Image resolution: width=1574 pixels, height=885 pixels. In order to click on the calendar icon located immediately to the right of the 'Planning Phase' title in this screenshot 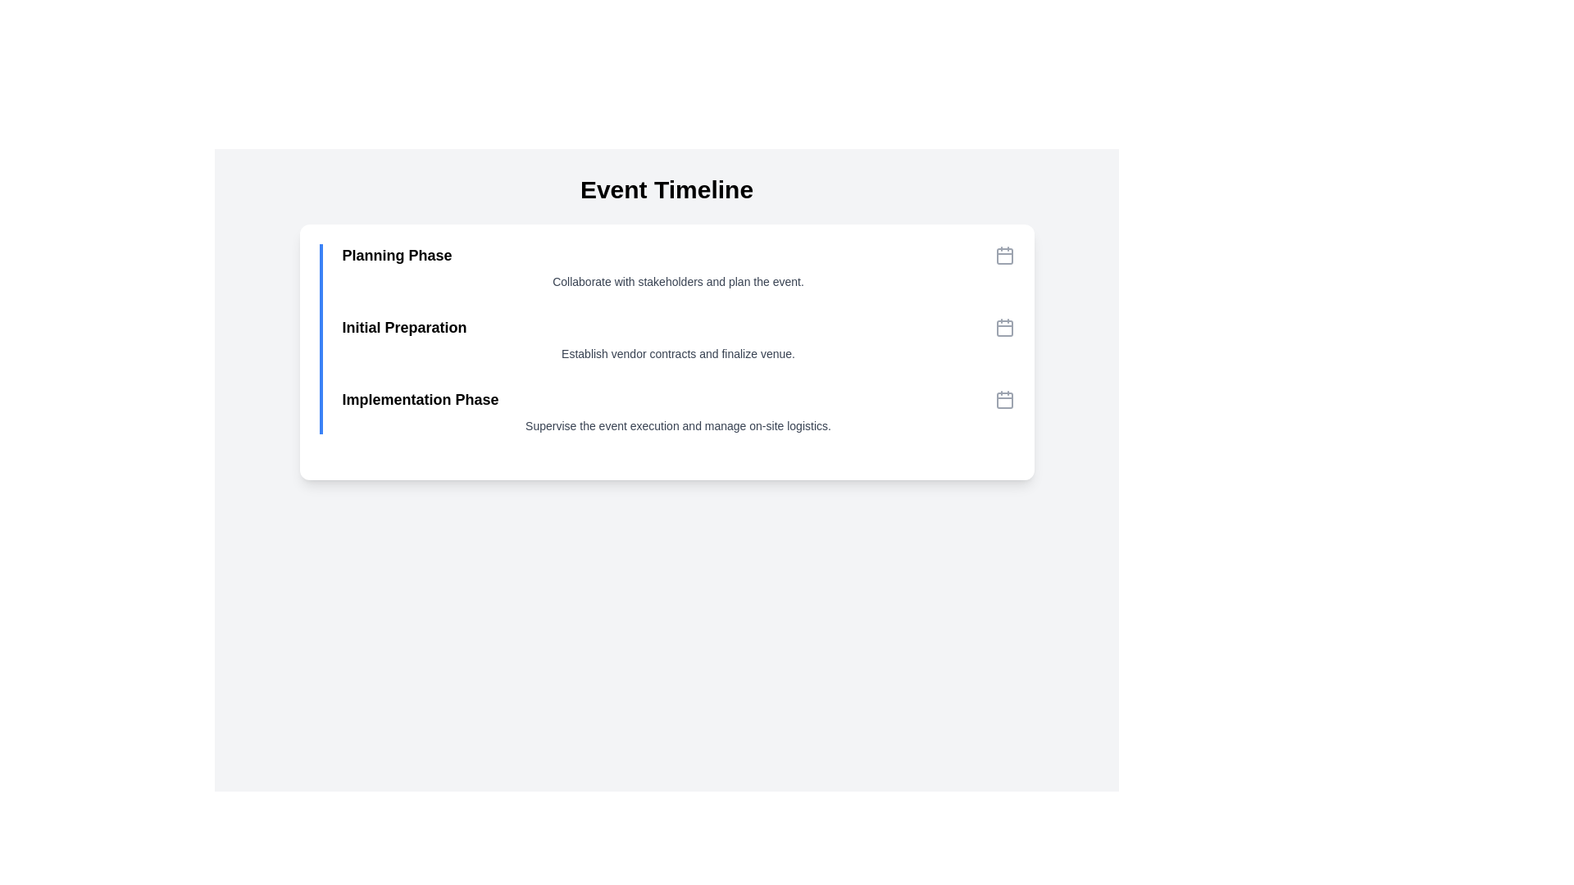, I will do `click(1003, 256)`.